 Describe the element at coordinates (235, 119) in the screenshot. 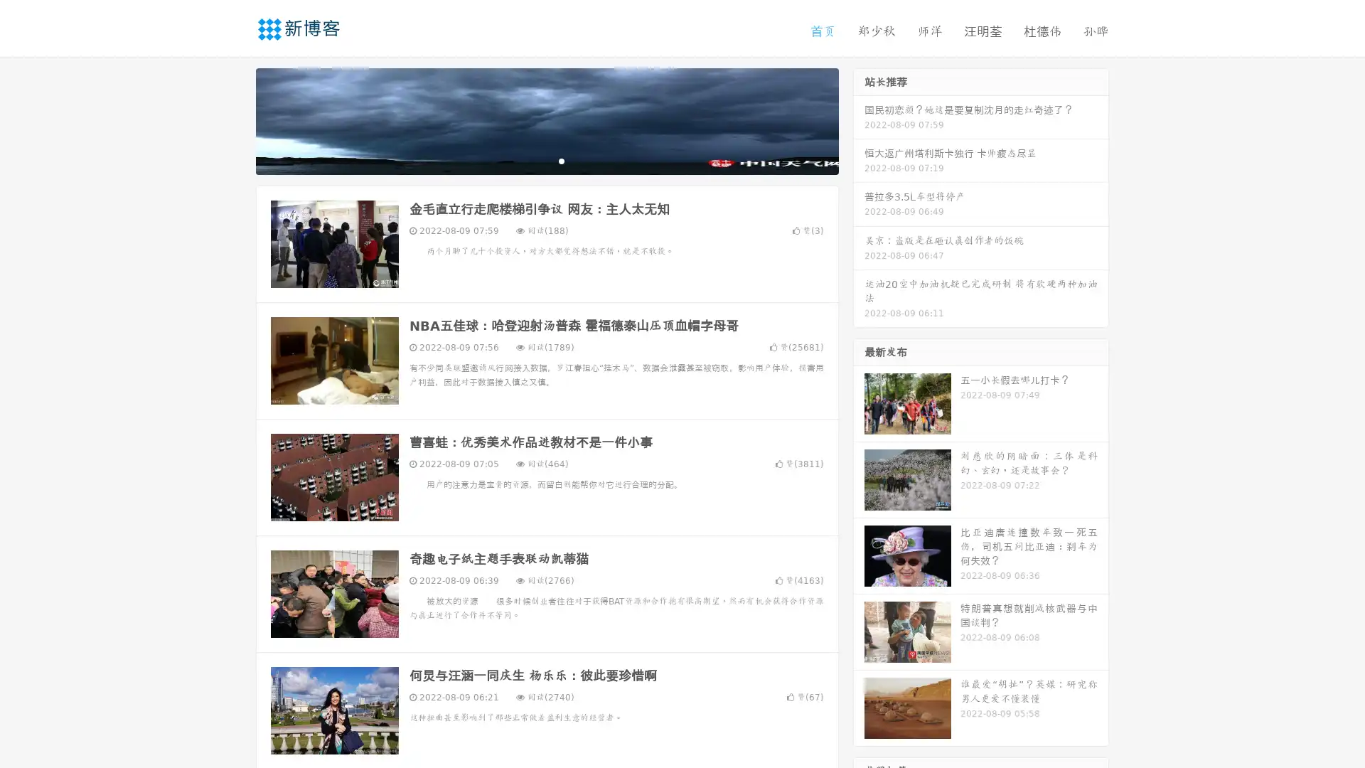

I see `Previous slide` at that location.